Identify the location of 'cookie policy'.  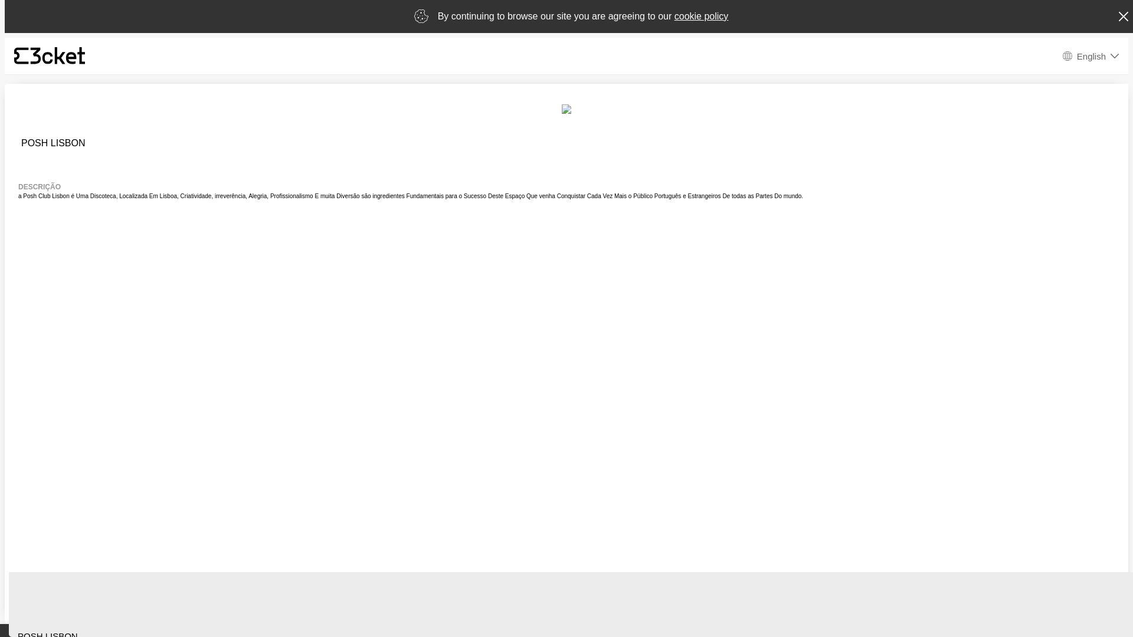
(702, 16).